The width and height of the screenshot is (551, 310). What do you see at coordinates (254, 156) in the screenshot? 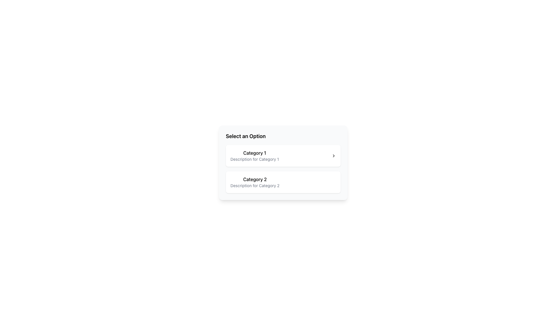
I see `the first selectable option in the vertically stacked list within the card labeled 'Select an Option'` at bounding box center [254, 156].